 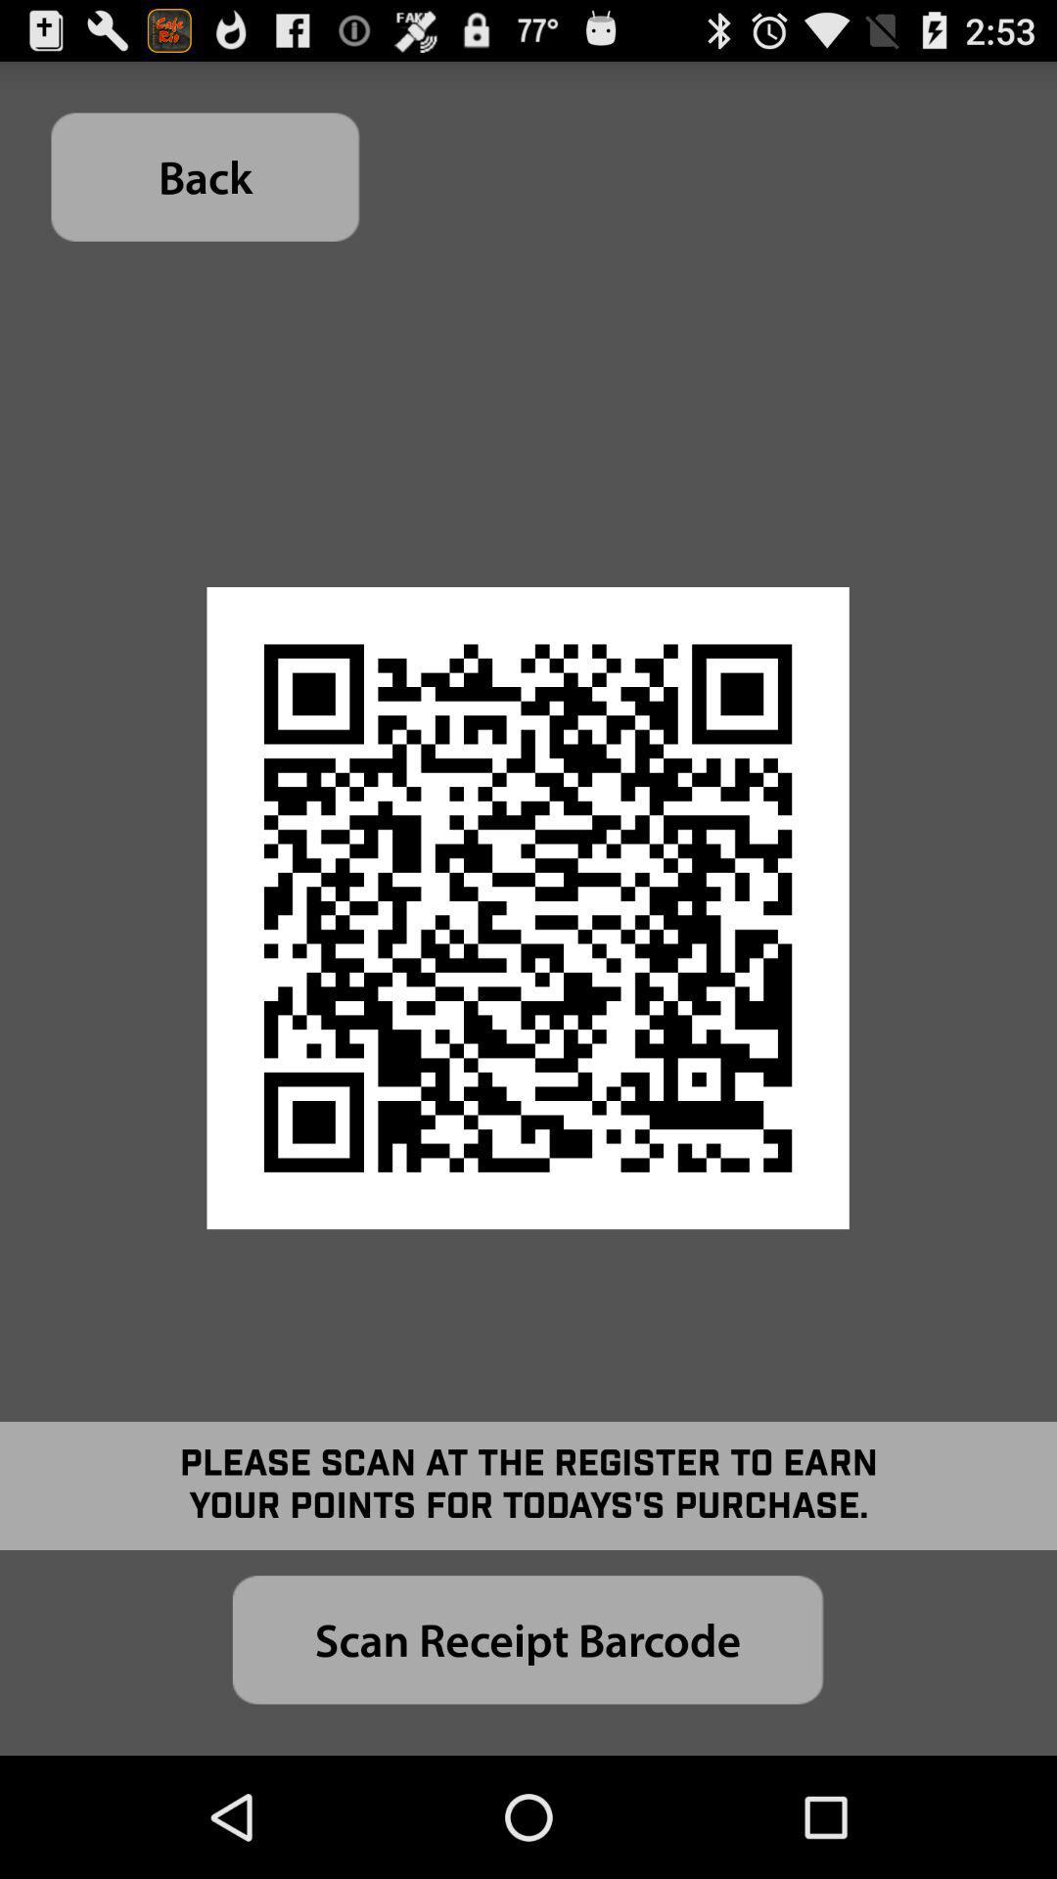 I want to click on scan receipt barcode icon, so click(x=527, y=1639).